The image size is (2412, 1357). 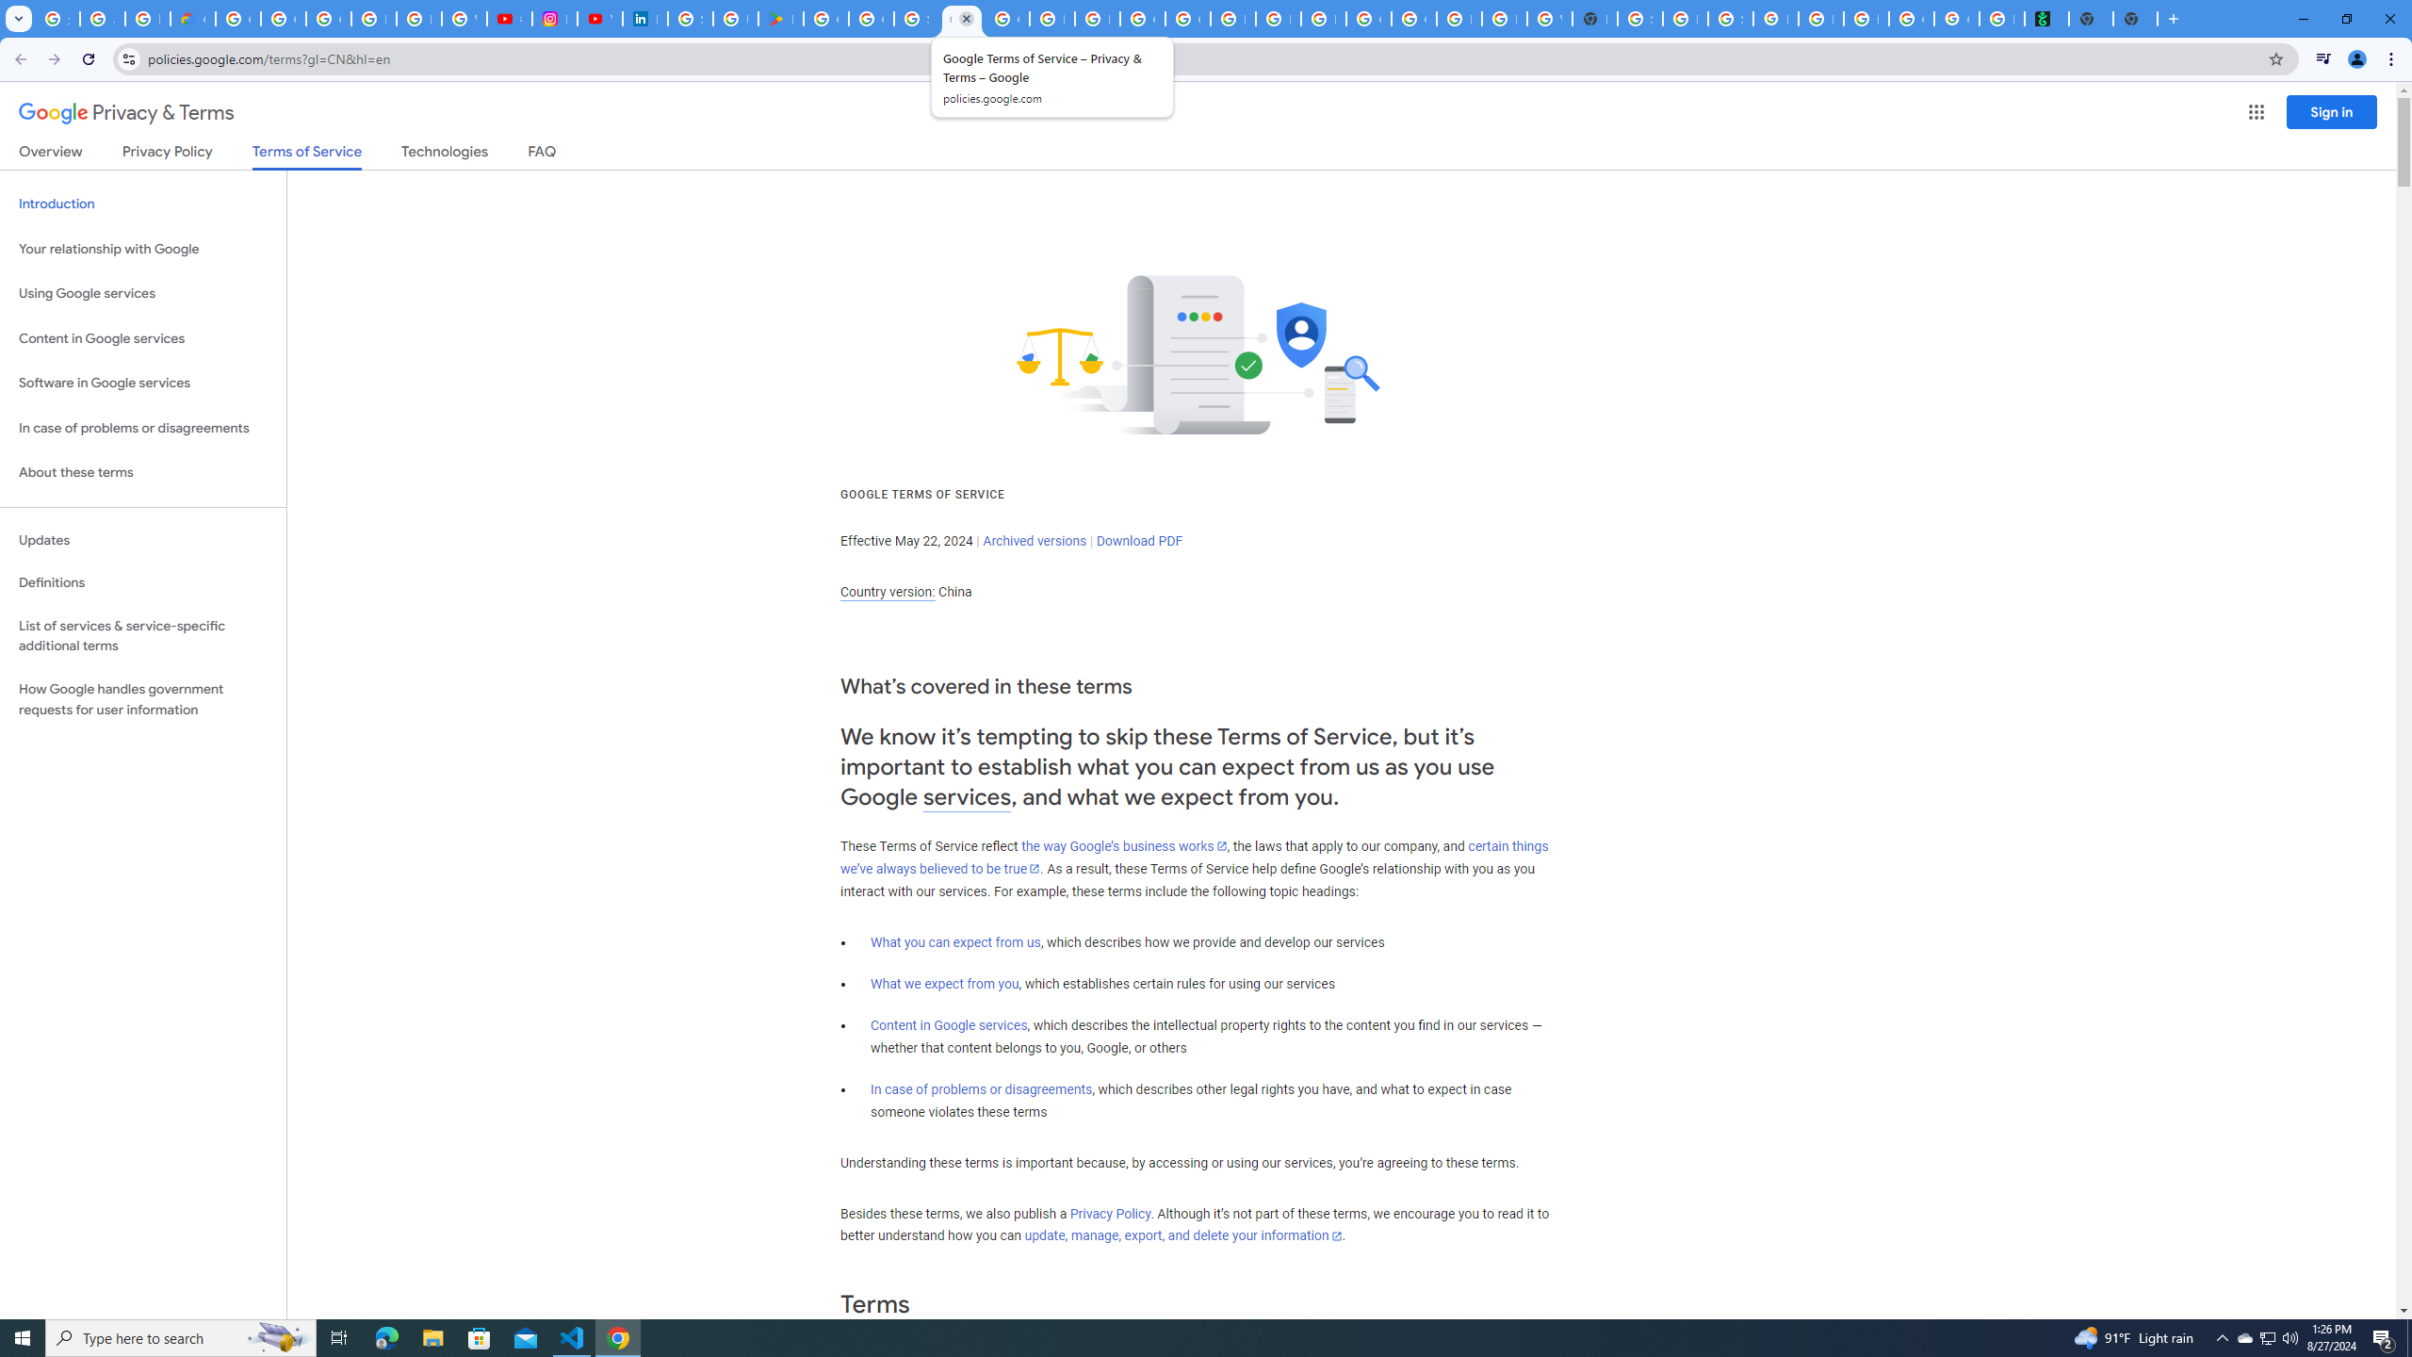 I want to click on '#nbabasketballhighlights - YouTube', so click(x=508, y=18).